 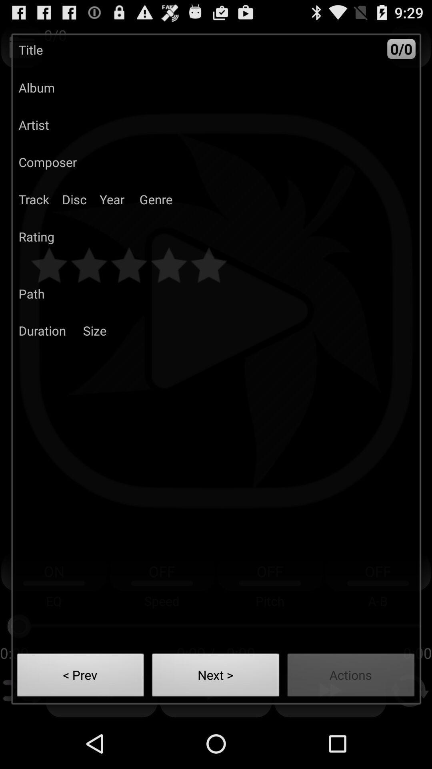 I want to click on the actions button, so click(x=350, y=677).